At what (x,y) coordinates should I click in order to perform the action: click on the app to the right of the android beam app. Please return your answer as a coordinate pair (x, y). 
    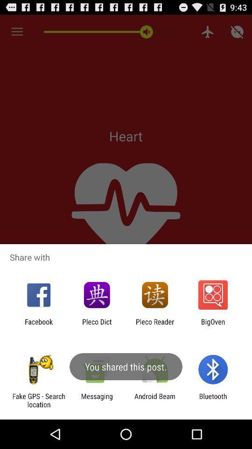
    Looking at the image, I should click on (213, 400).